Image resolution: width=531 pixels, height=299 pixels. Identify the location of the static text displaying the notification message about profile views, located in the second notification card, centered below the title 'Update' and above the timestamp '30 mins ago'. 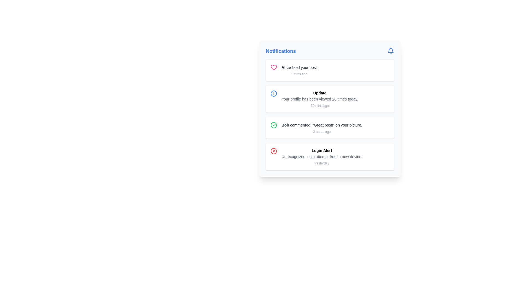
(320, 99).